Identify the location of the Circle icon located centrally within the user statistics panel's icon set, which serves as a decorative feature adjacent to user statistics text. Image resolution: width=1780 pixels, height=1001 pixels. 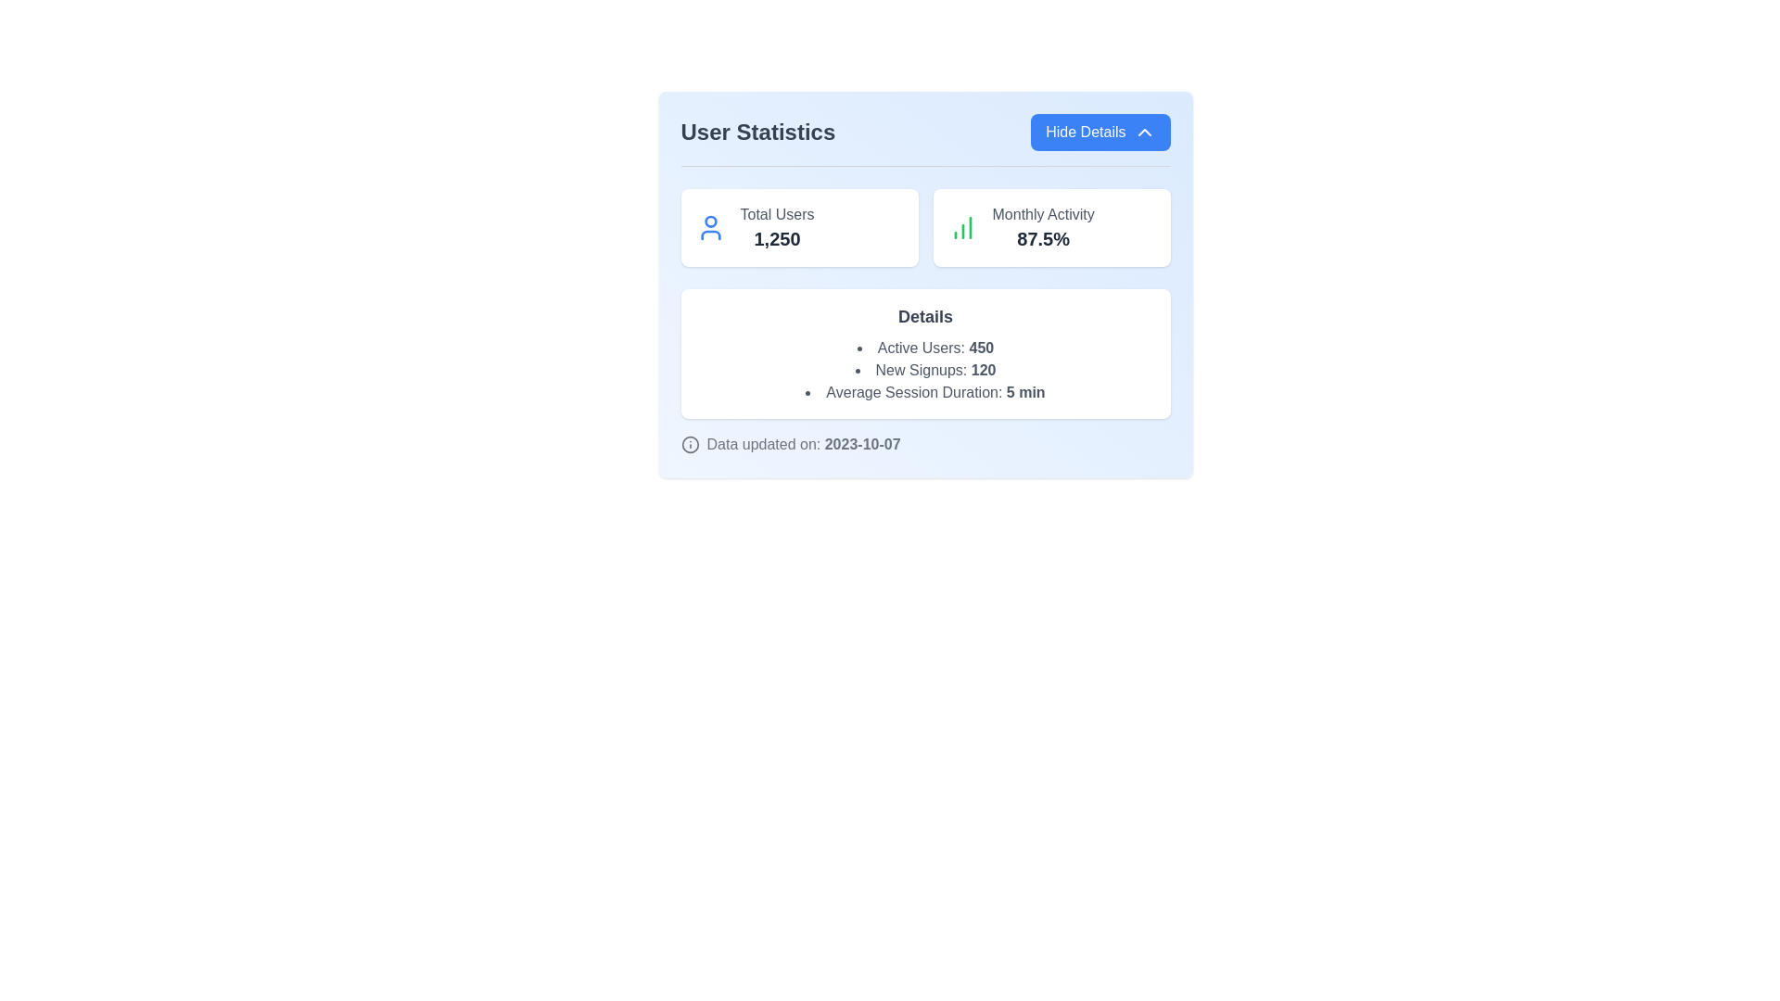
(689, 444).